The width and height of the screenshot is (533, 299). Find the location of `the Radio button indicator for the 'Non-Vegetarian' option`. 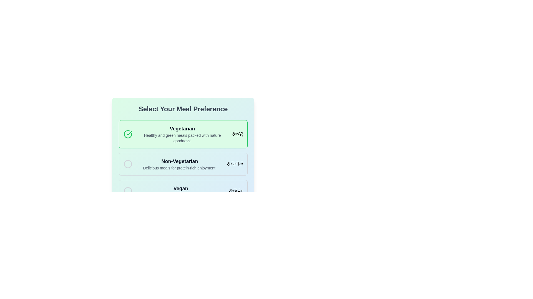

the Radio button indicator for the 'Non-Vegetarian' option is located at coordinates (127, 164).